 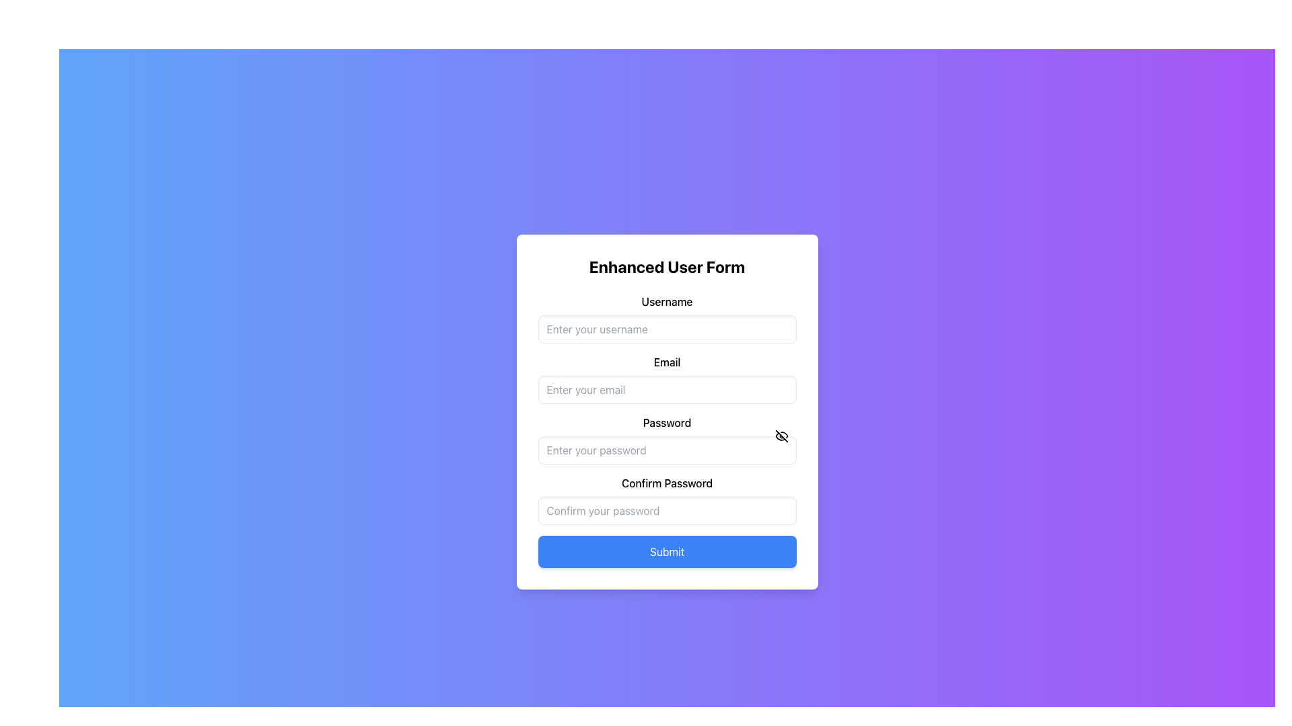 What do you see at coordinates (781, 436) in the screenshot?
I see `the visibility toggle icon (an 'eye with a slash') located to the right of the 'Password' input field in the 'Enhanced User Form'` at bounding box center [781, 436].